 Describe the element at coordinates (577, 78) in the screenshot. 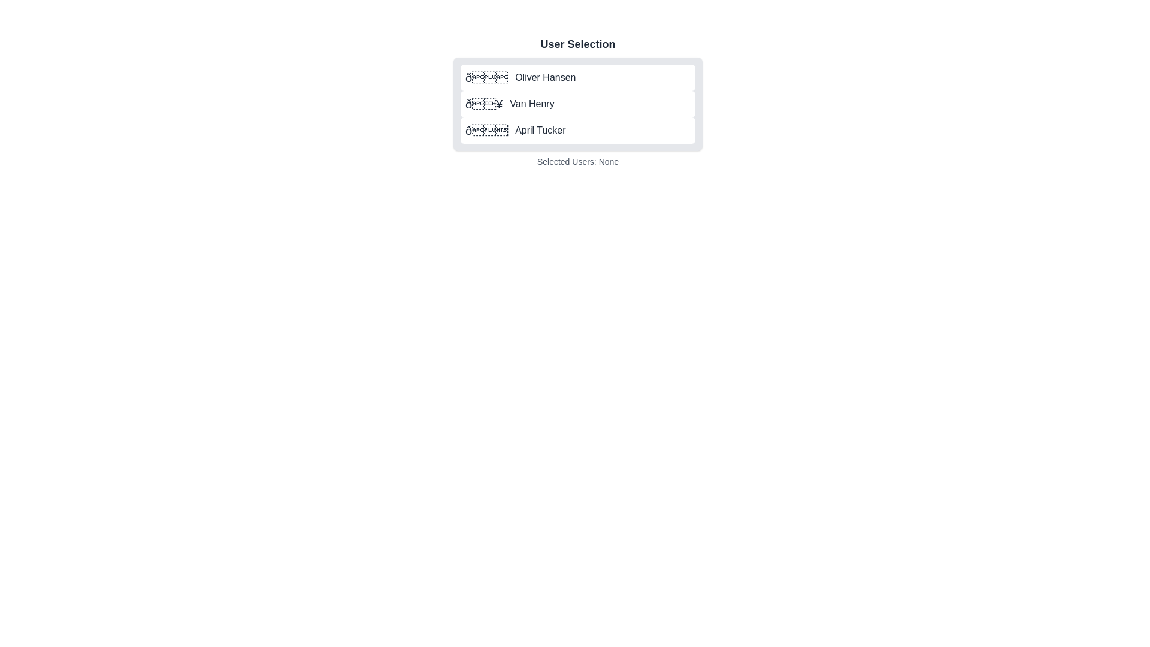

I see `the first interactive list item, which contains a star emoji and the name 'Oliver Hansen'` at that location.